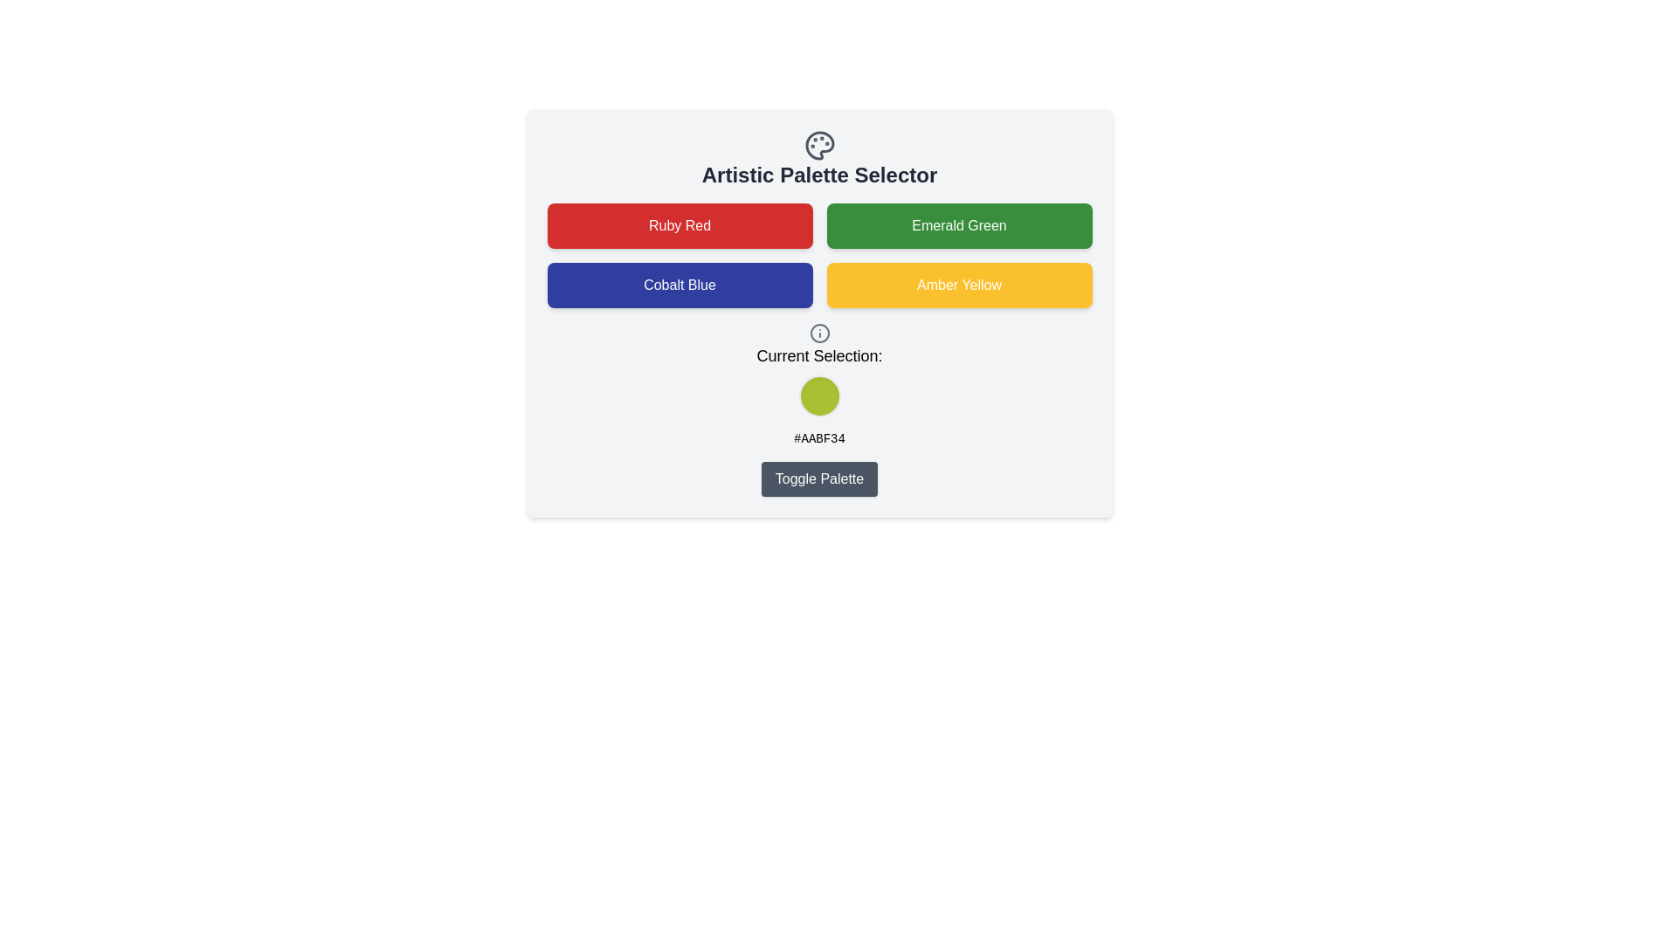 The width and height of the screenshot is (1677, 943). What do you see at coordinates (958, 224) in the screenshot?
I see `the 'Emerald Green' button, which is a rectangular button with a rounded design and a green background displaying the text 'Emerald Green' in white` at bounding box center [958, 224].